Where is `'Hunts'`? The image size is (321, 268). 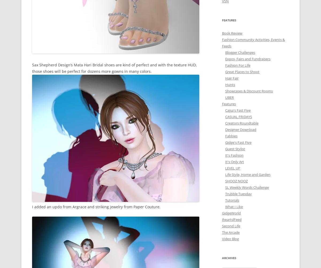 'Hunts' is located at coordinates (230, 84).